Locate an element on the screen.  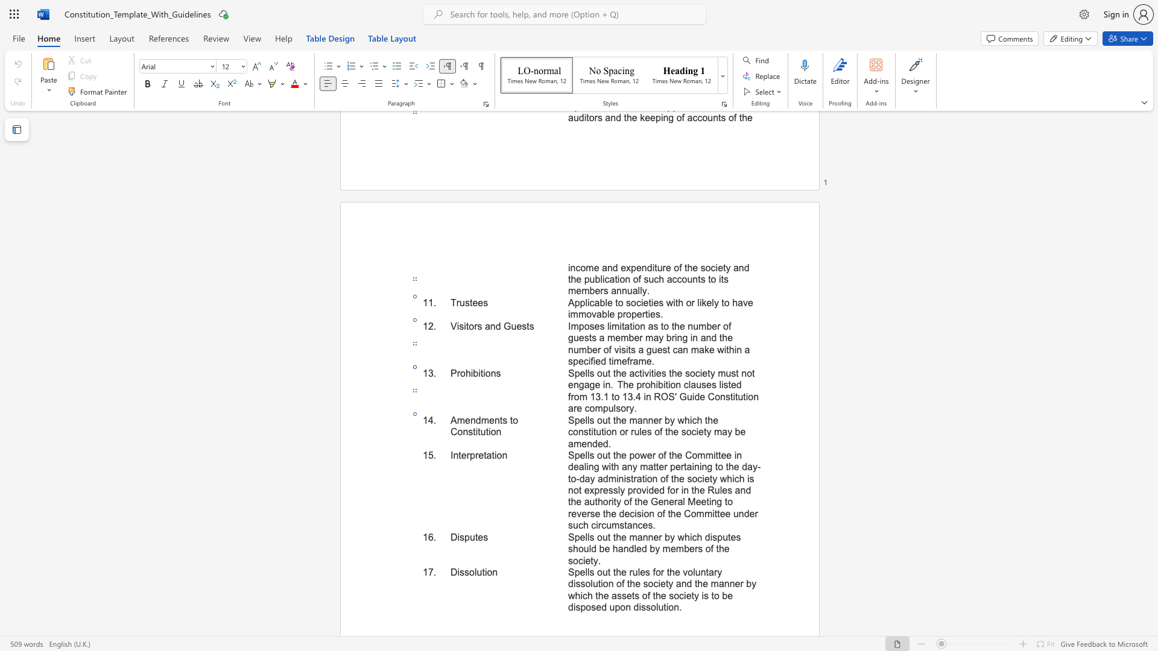
the 2th character "s" in the text is located at coordinates (470, 431).